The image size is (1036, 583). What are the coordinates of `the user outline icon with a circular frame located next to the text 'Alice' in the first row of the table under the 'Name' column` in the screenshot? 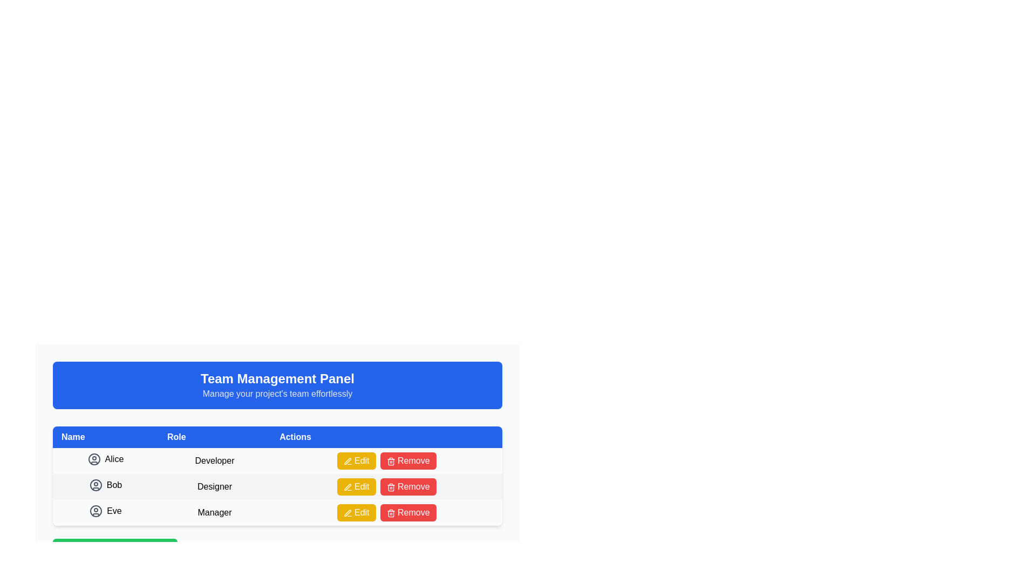 It's located at (94, 459).